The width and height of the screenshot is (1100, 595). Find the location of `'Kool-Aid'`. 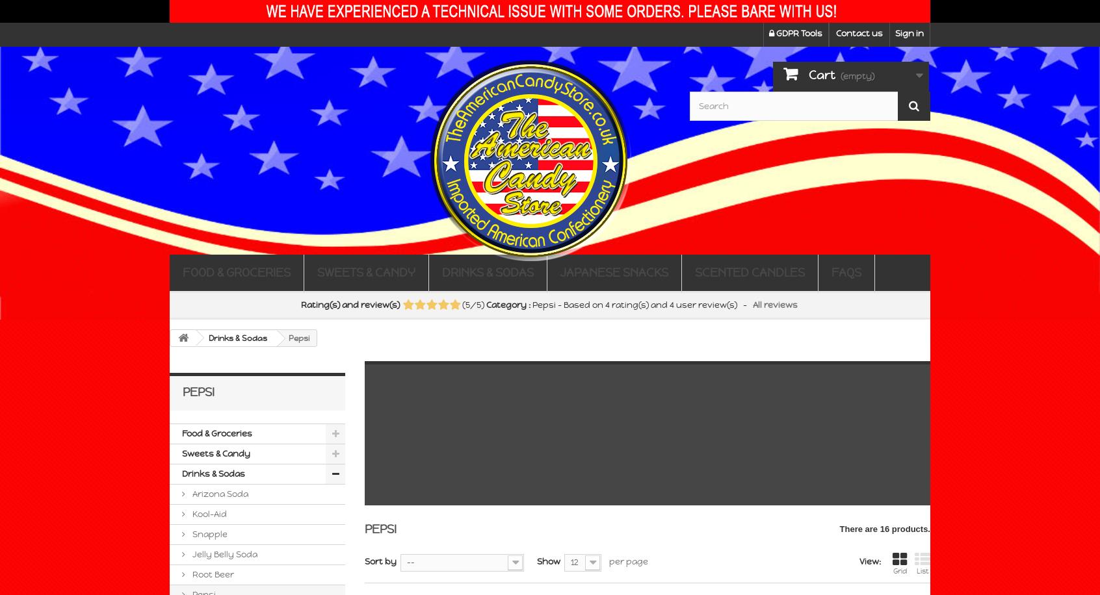

'Kool-Aid' is located at coordinates (207, 513).